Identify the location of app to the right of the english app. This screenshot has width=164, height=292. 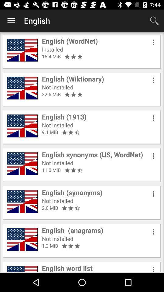
(154, 21).